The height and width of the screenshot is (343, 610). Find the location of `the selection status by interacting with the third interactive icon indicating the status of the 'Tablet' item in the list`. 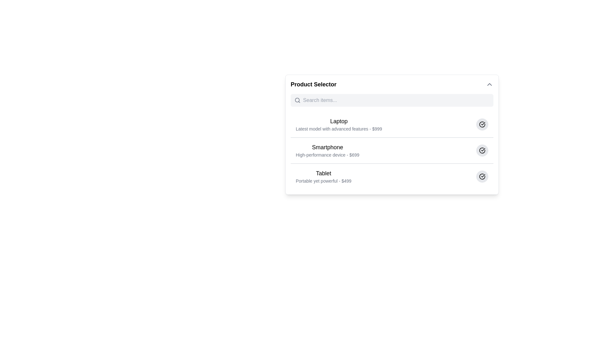

the selection status by interacting with the third interactive icon indicating the status of the 'Tablet' item in the list is located at coordinates (482, 176).